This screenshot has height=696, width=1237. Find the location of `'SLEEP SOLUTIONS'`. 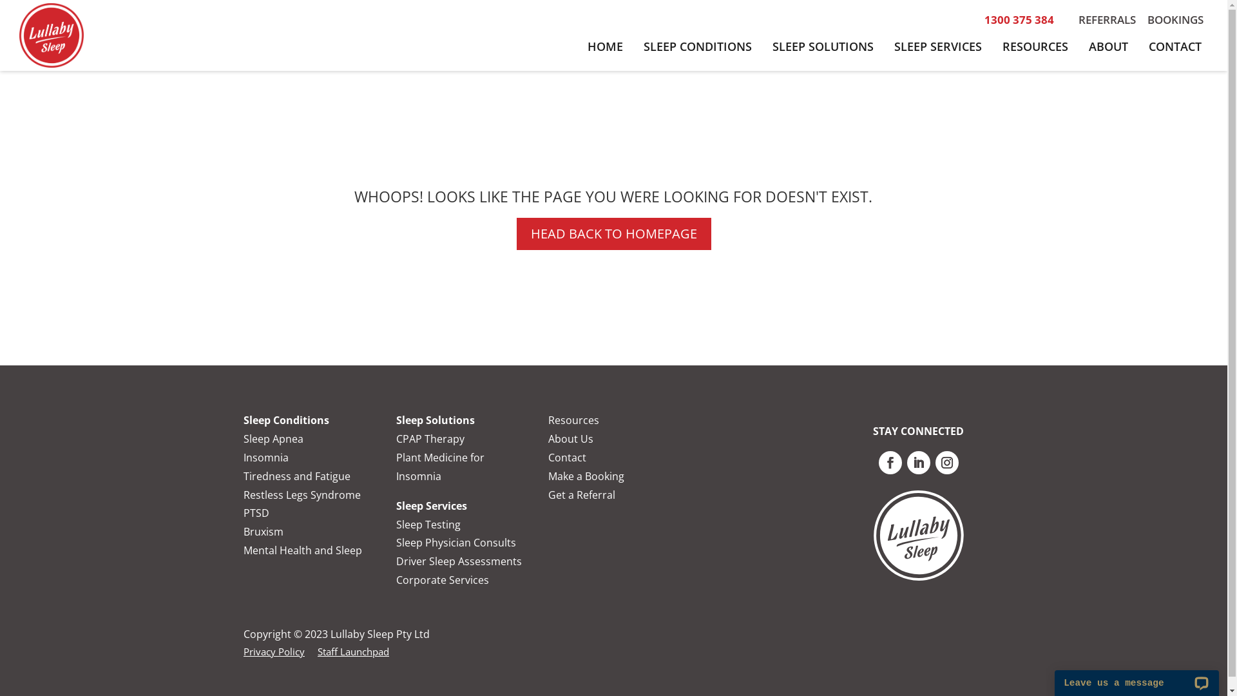

'SLEEP SOLUTIONS' is located at coordinates (822, 46).